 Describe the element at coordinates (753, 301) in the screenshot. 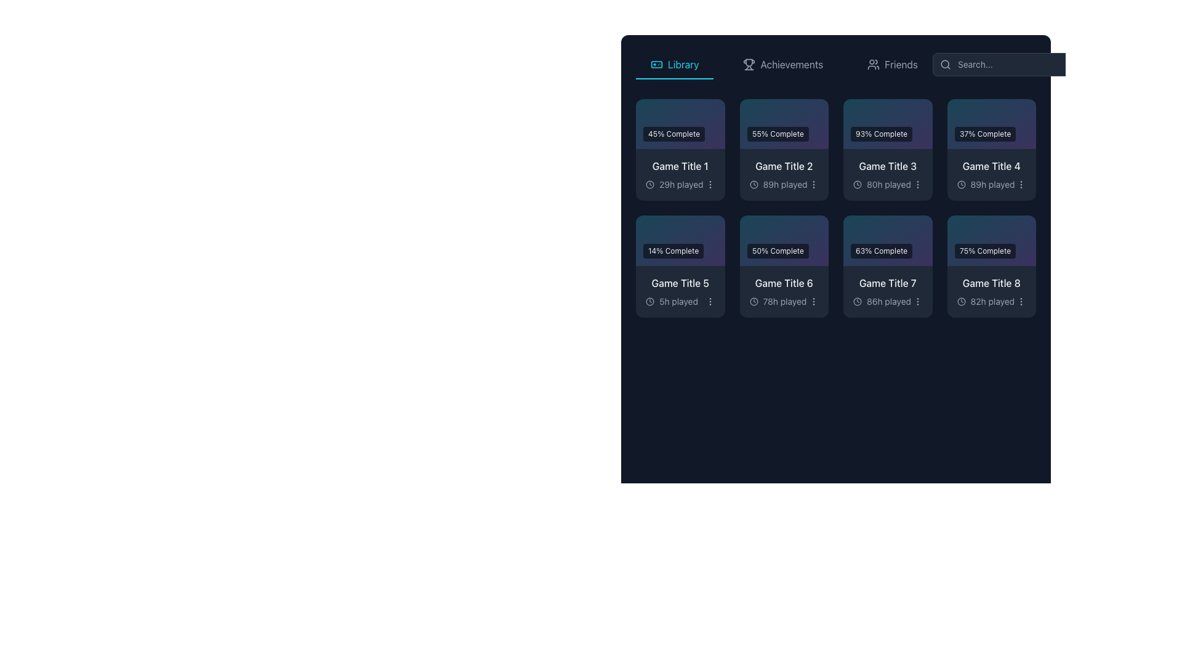

I see `the time-related indicator icon located to the left of the text '78h played' within the 'Game Title 6' card, as it serves as a non-interactive visual representation of playtime` at that location.